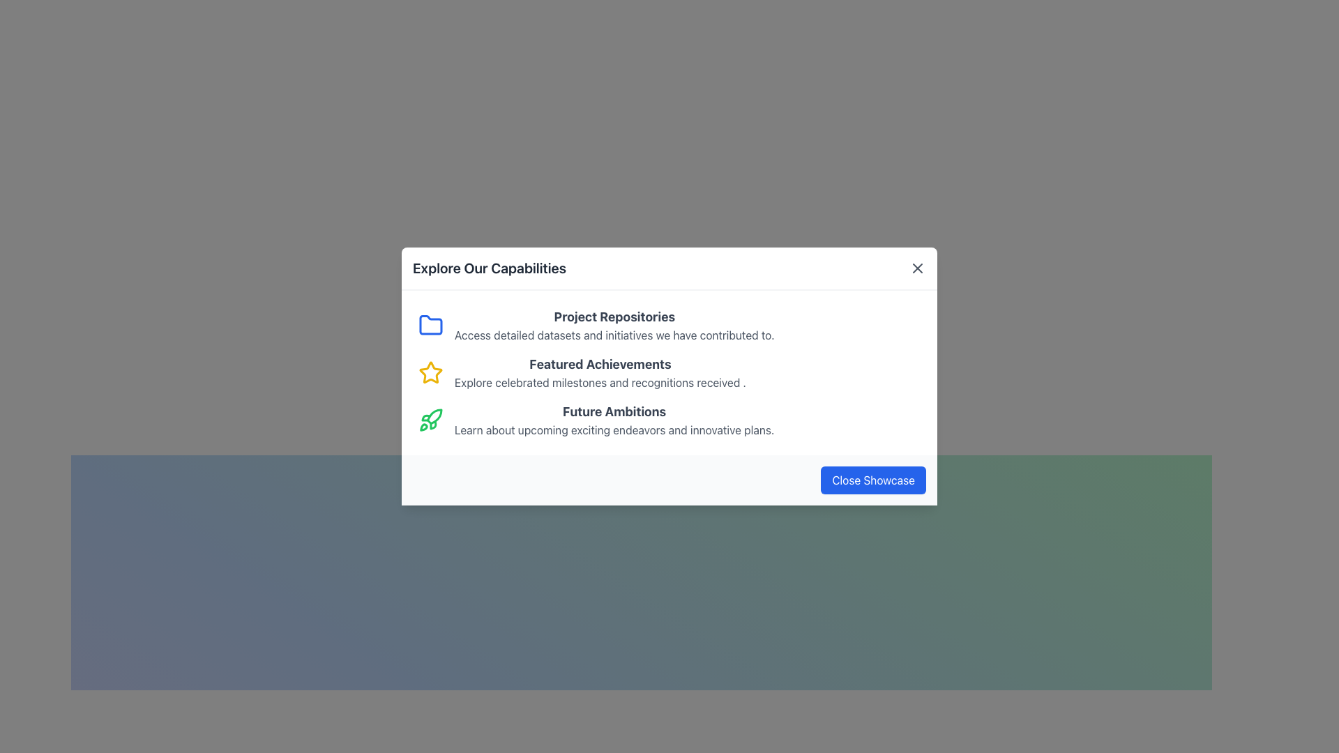 The width and height of the screenshot is (1339, 753). Describe the element at coordinates (430, 372) in the screenshot. I see `the yellow star-shaped icon located on the left side of the 'Featured Achievements' section, which is positioned below 'Project Repositories' and above 'Future Ambitions'` at that location.